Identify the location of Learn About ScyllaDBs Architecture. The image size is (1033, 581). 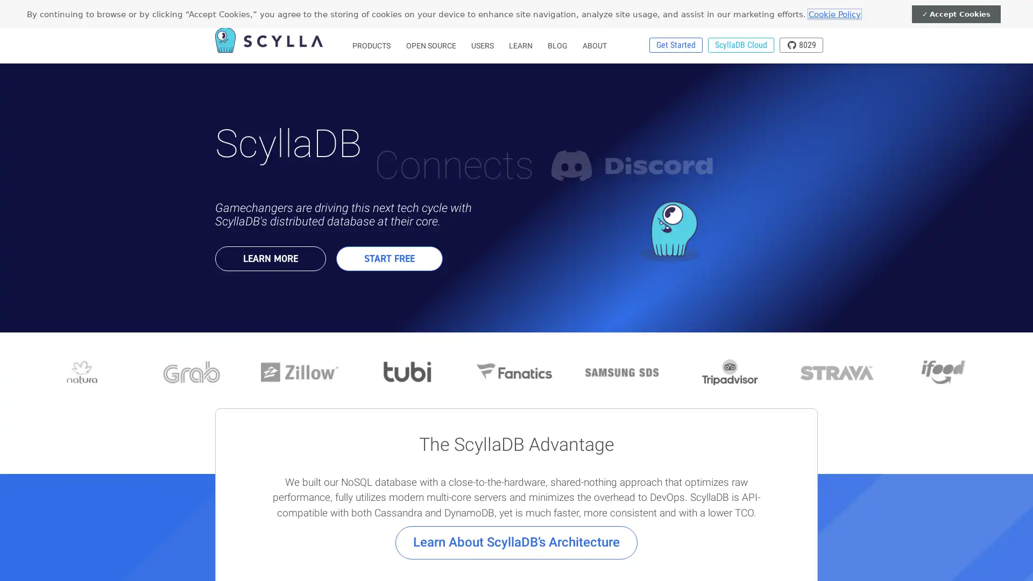
(516, 543).